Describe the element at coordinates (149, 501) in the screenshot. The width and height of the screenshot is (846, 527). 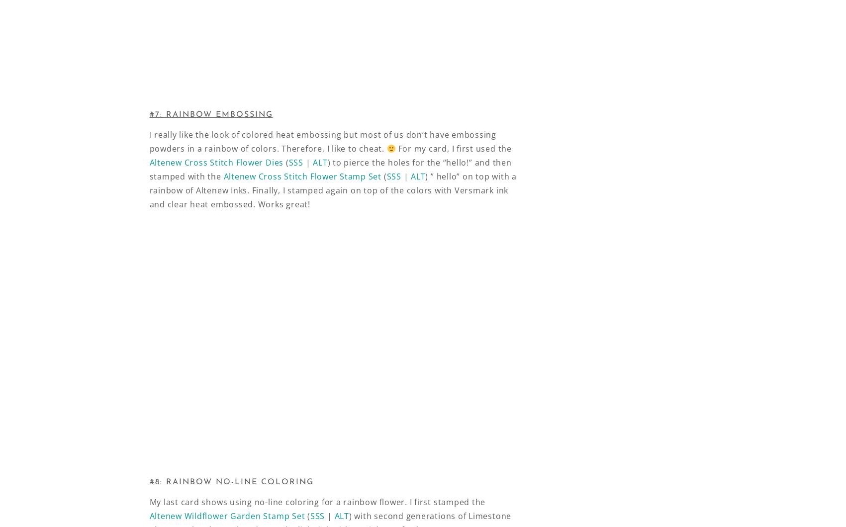
I see `'My last card shows using no-line coloring for a rainbow flower. I first stamped the'` at that location.